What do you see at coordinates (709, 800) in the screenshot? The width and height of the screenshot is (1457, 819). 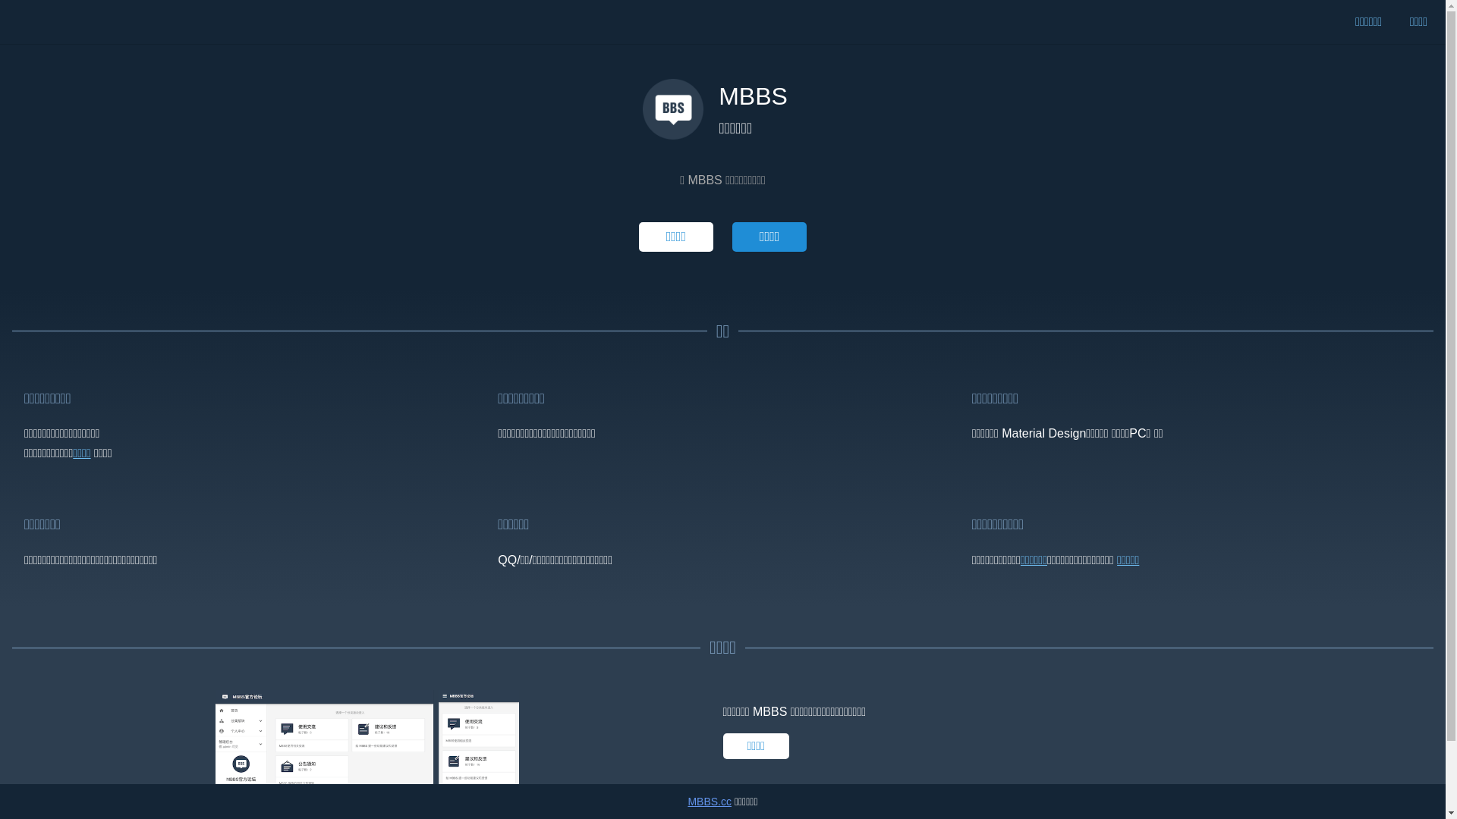 I see `'MBBS.cc'` at bounding box center [709, 800].